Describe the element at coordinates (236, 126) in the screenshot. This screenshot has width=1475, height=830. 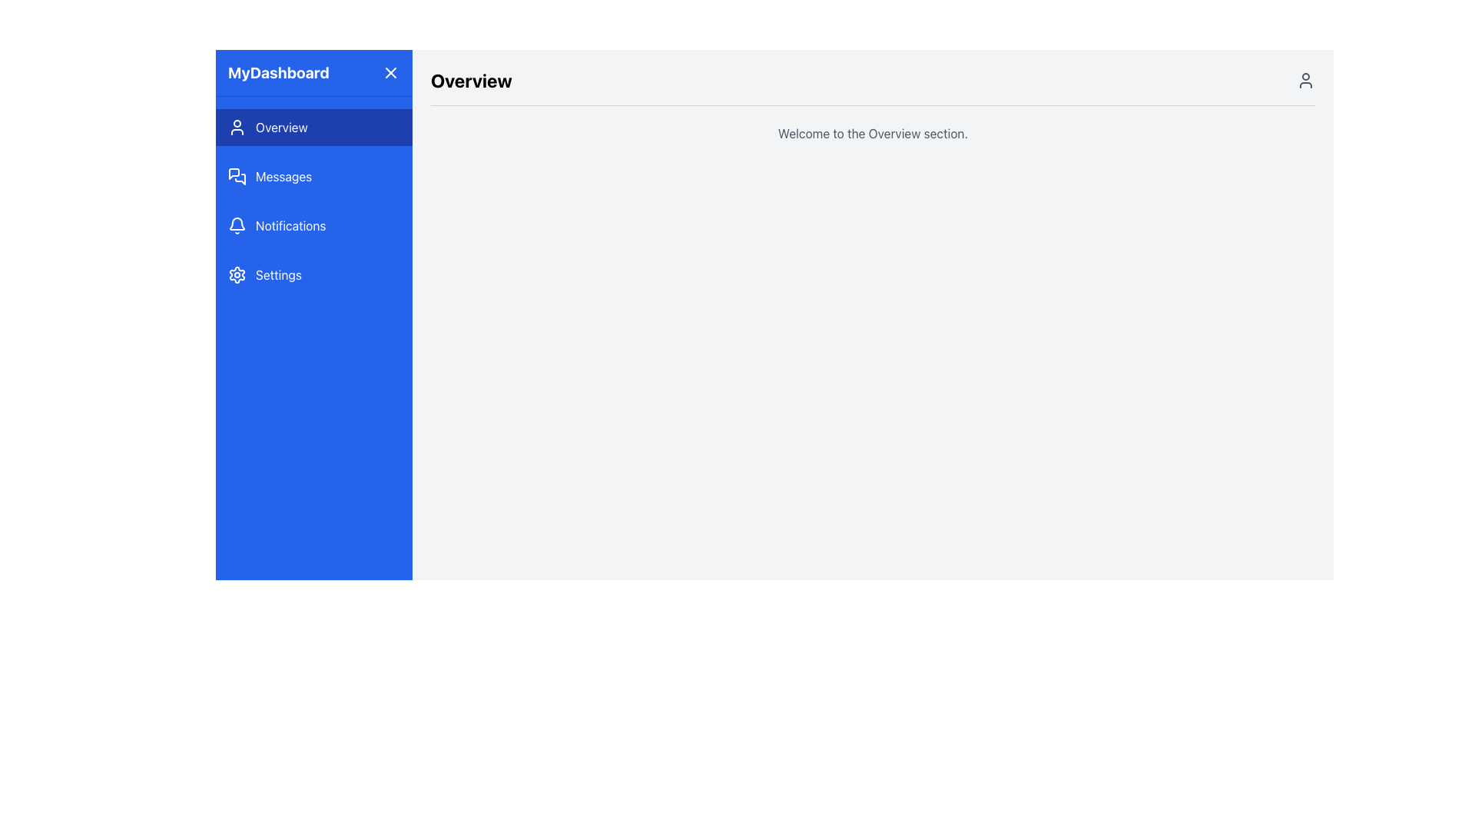
I see `the 'Overview' icon in the vertical navigation menu` at that location.